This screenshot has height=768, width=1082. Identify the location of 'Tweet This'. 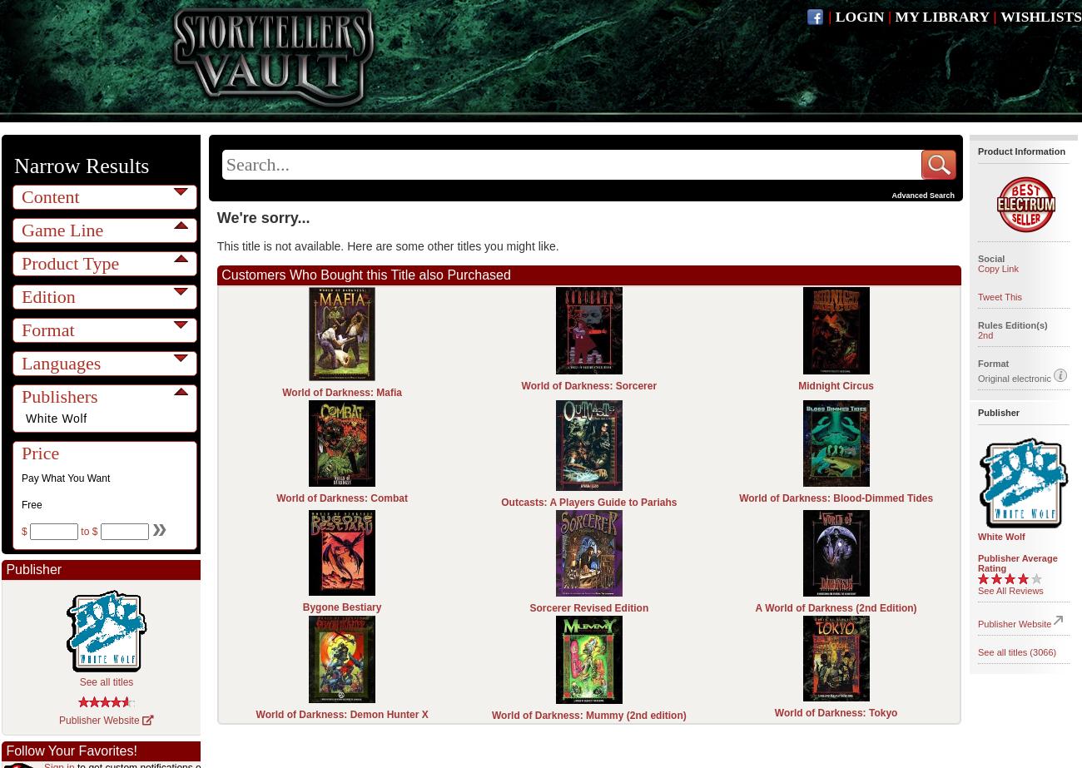
(977, 297).